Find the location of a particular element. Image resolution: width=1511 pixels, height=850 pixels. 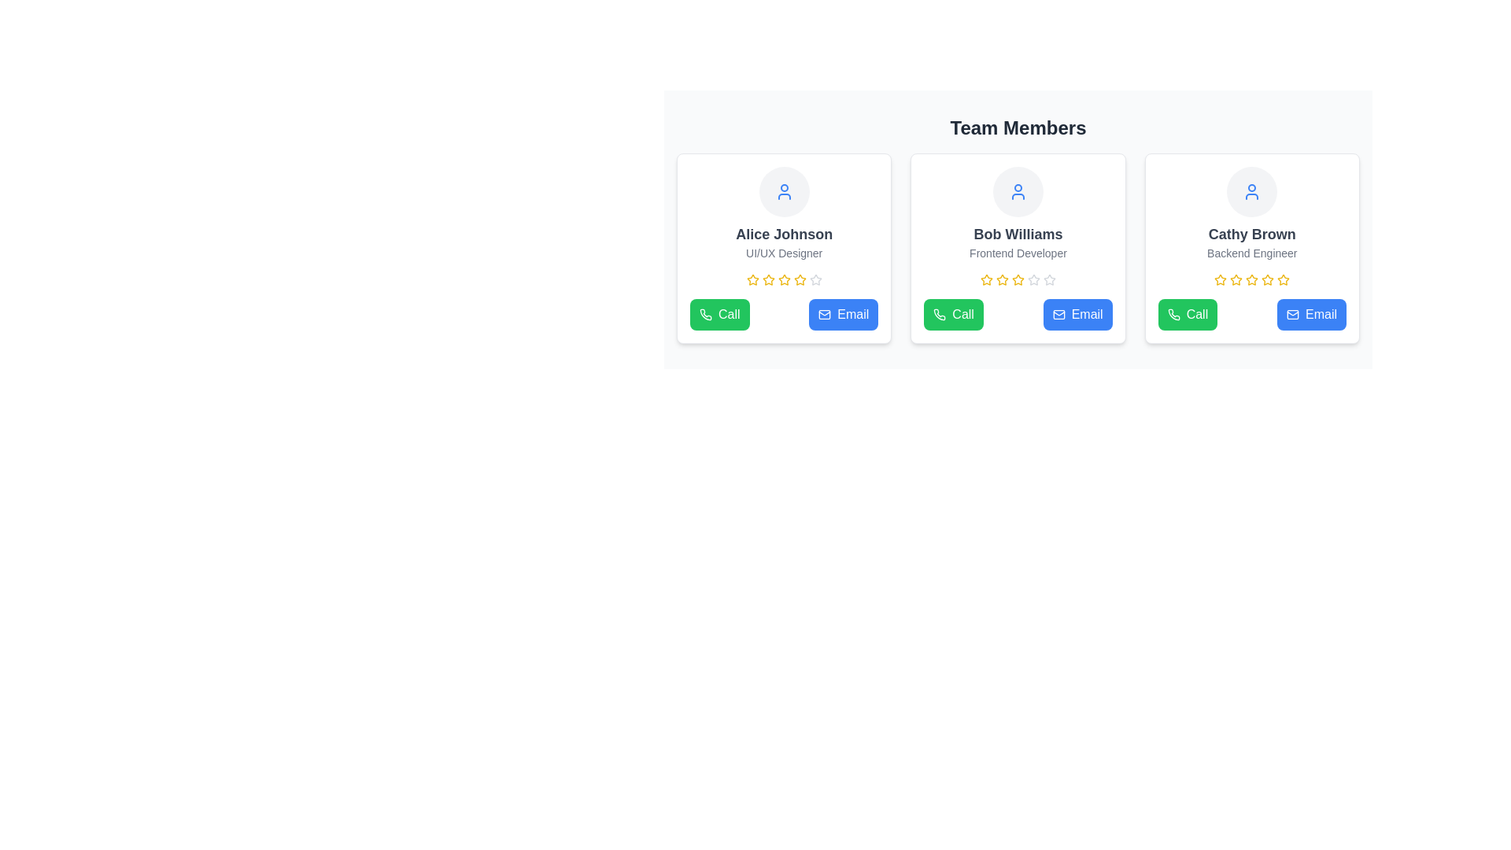

the third star icon from the left in a horizontal row of five star icons located beneath the profile details of Alice Johnson, UI/UX Designer is located at coordinates (768, 279).